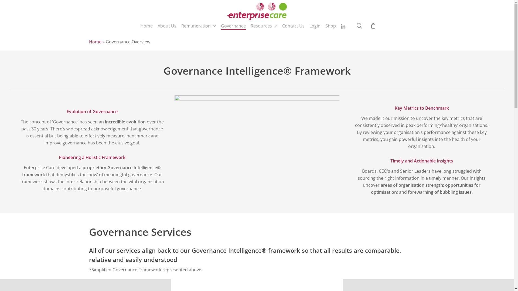 The image size is (518, 291). What do you see at coordinates (233, 26) in the screenshot?
I see `'Governance'` at bounding box center [233, 26].